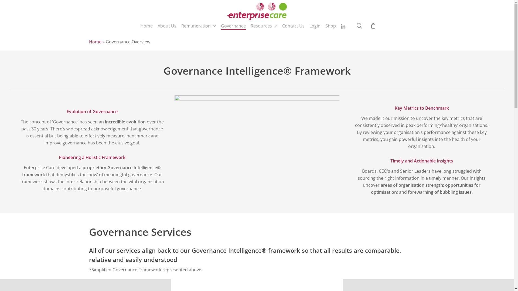 The image size is (518, 291). What do you see at coordinates (233, 26) in the screenshot?
I see `'Governance'` at bounding box center [233, 26].